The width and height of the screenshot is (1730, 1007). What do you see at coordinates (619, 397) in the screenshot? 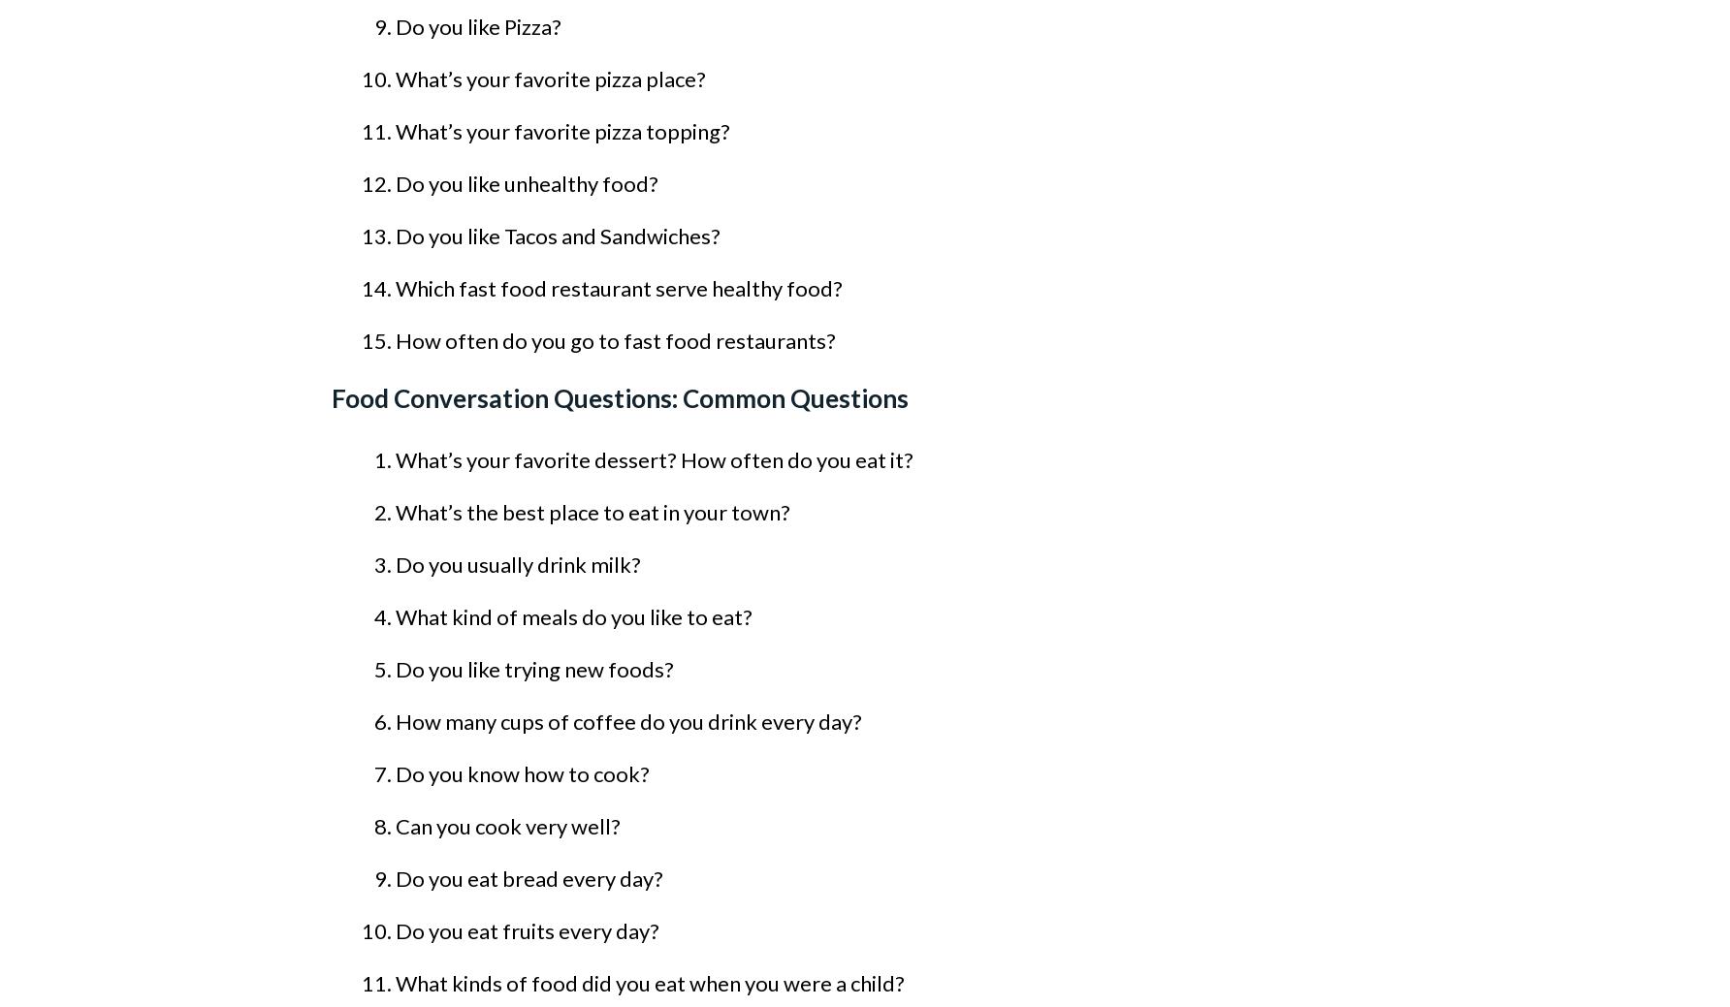
I see `'Food Conversation Questions: Common Questions'` at bounding box center [619, 397].